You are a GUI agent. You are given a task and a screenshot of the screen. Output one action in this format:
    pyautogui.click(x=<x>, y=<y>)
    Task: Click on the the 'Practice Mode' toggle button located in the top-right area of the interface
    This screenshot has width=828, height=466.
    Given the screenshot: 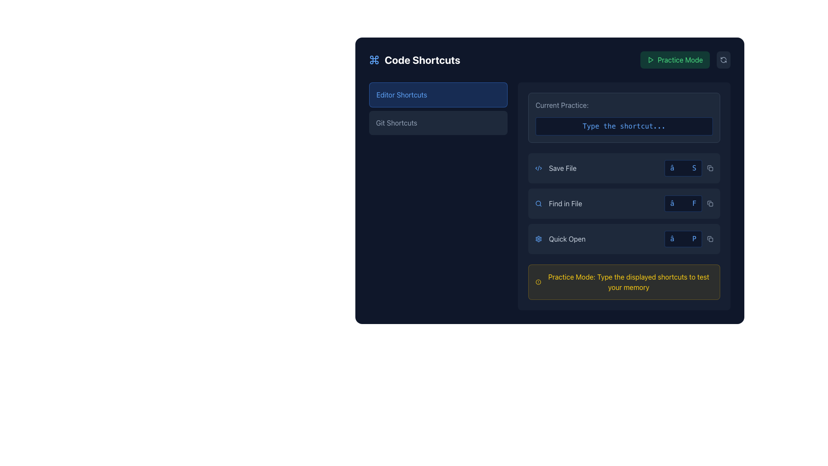 What is the action you would take?
    pyautogui.click(x=685, y=59)
    